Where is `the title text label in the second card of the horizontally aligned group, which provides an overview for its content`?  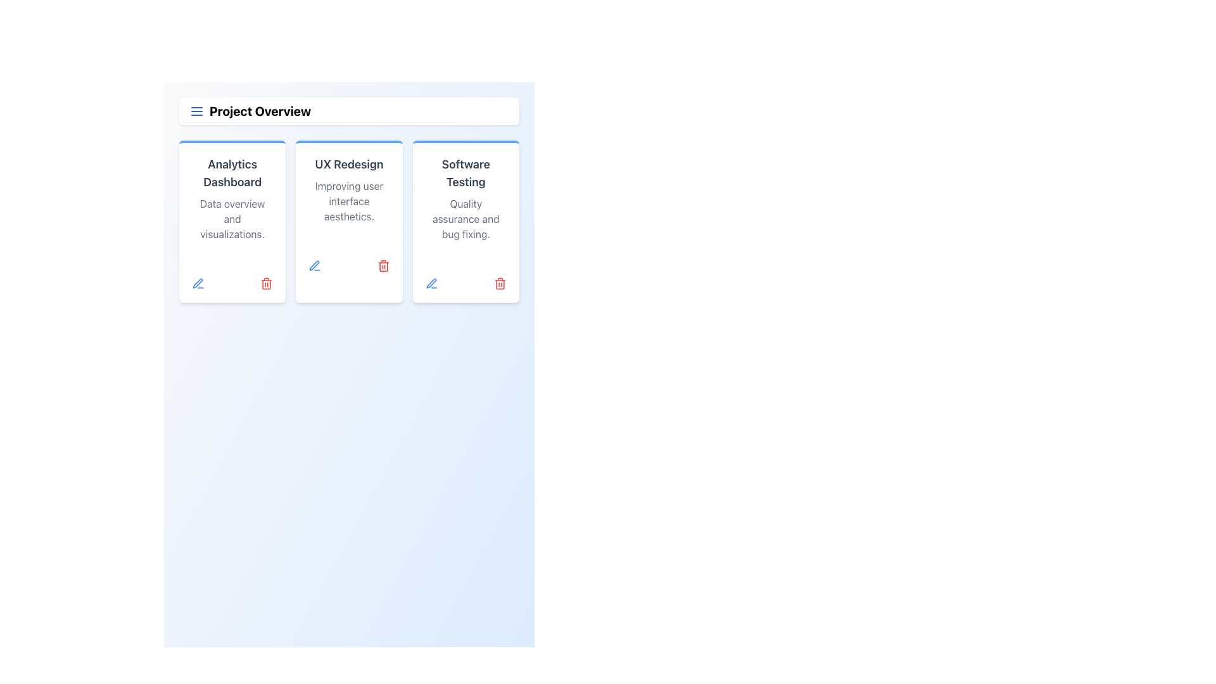
the title text label in the second card of the horizontally aligned group, which provides an overview for its content is located at coordinates (349, 163).